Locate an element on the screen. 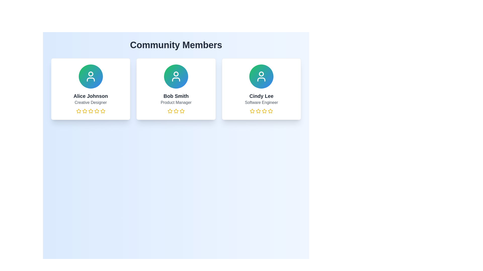 Image resolution: width=483 pixels, height=271 pixels. the fourth star icon with a yellow outline located under the 'Cindy Lee, Software Engineer' card in the 'Community Members' section is located at coordinates (264, 111).